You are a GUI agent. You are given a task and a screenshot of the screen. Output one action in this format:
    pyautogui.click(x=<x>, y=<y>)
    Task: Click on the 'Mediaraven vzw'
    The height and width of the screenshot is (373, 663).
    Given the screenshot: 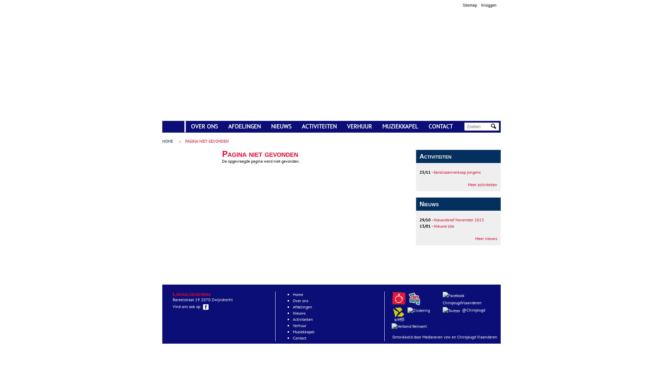 What is the action you would take?
    pyautogui.click(x=436, y=336)
    